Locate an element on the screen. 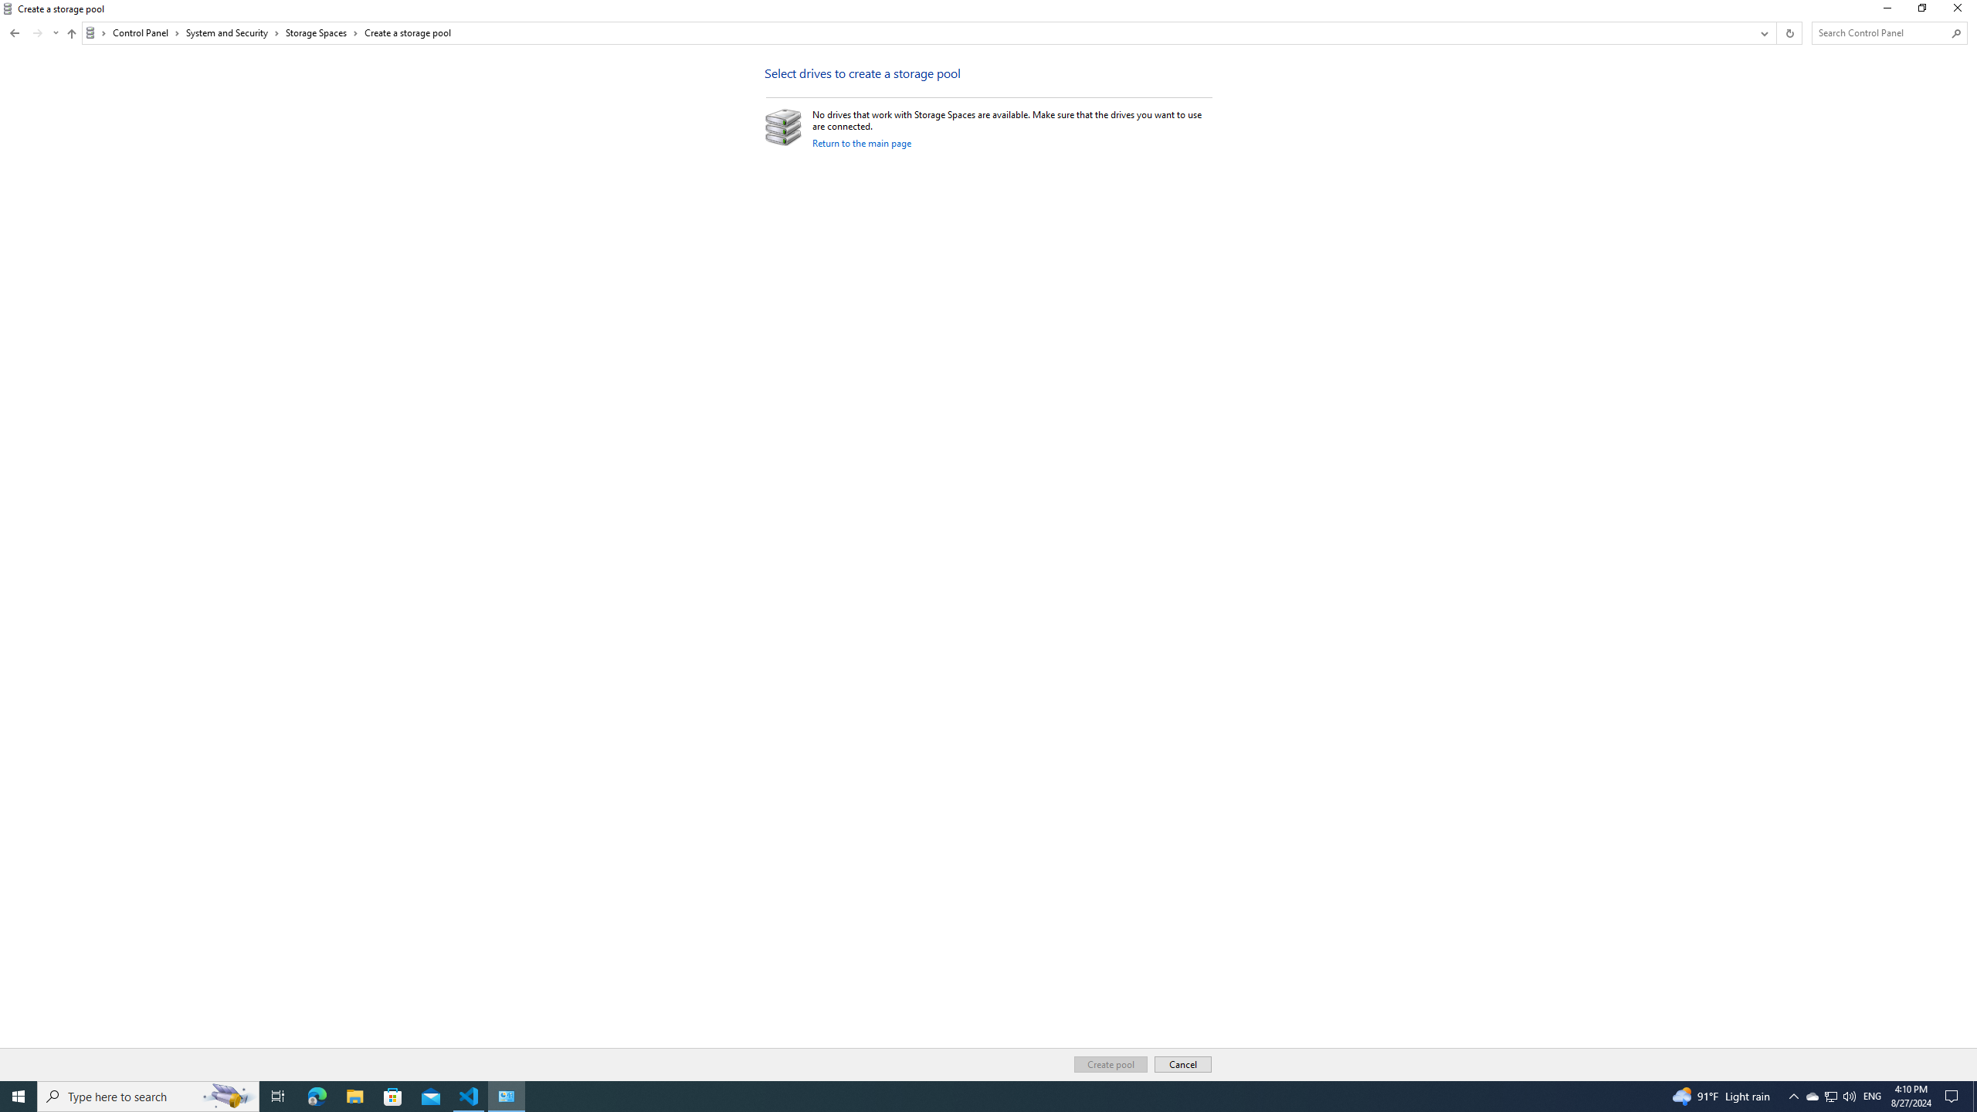 This screenshot has width=1977, height=1112. 'Up band toolbar' is located at coordinates (72, 35).